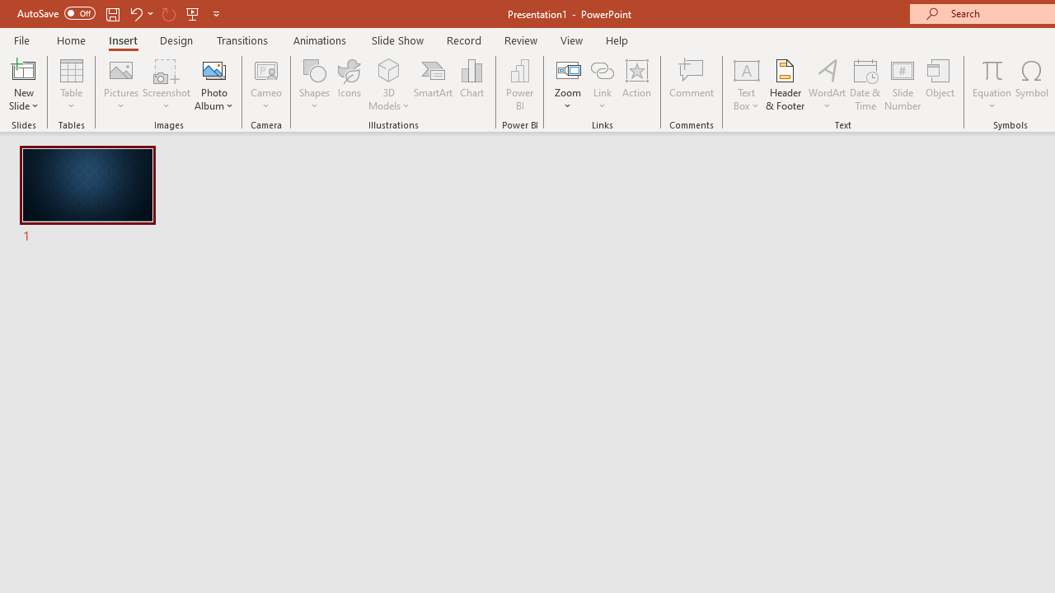 Image resolution: width=1055 pixels, height=593 pixels. Describe the element at coordinates (828, 85) in the screenshot. I see `'WordArt'` at that location.